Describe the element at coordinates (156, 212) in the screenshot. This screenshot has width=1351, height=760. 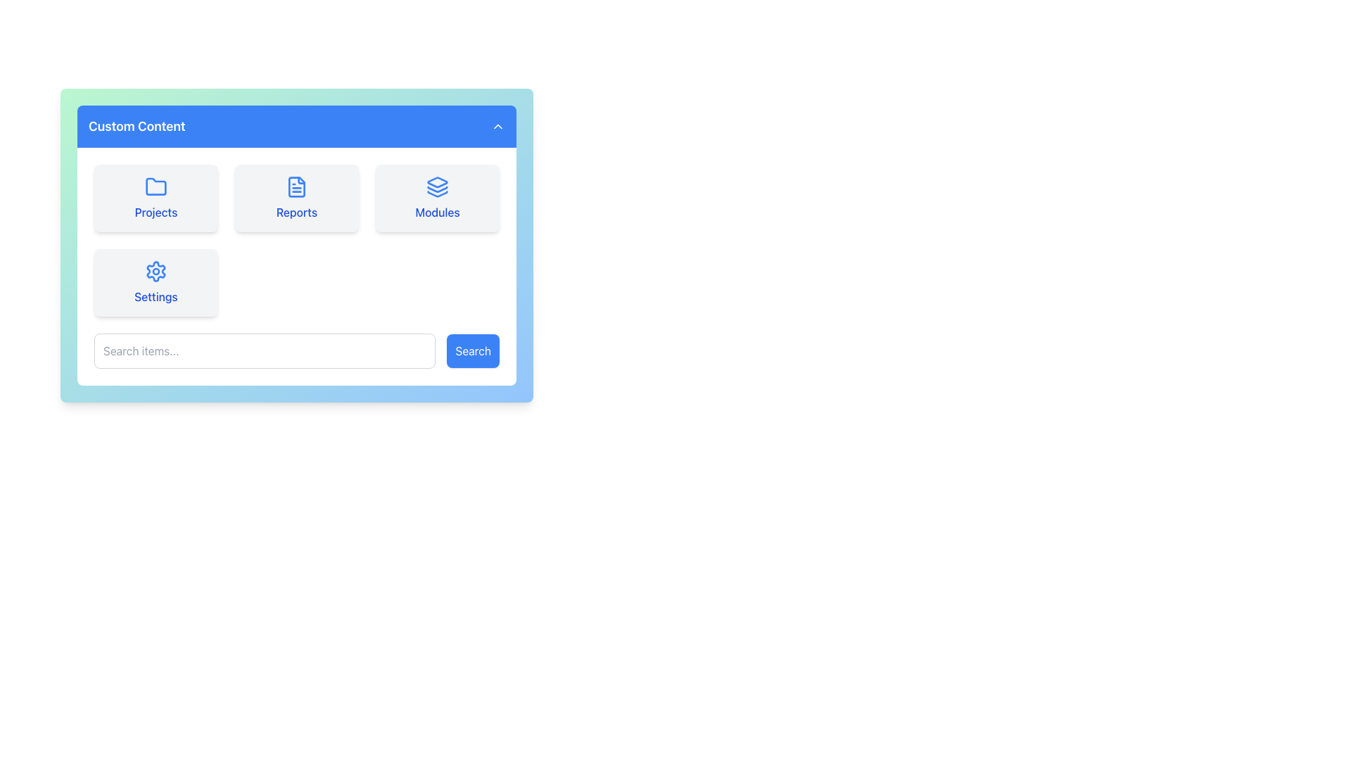
I see `the 'Projects' text label that annotates the clickable box, indicating its relation to 'Projects'` at that location.